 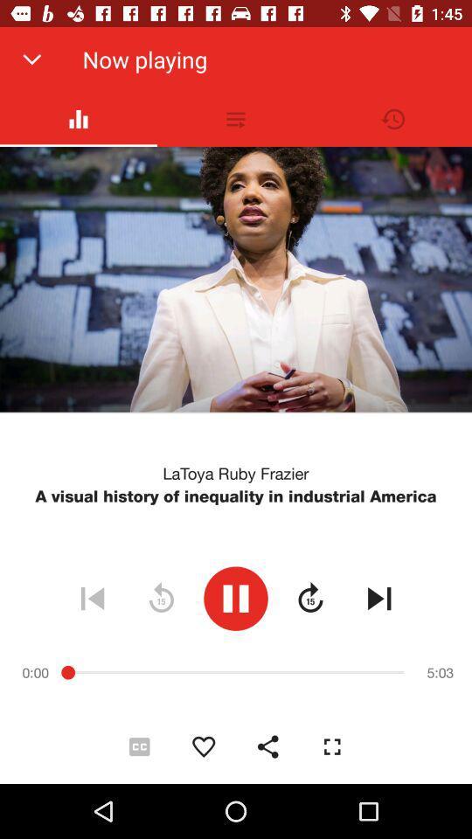 I want to click on the refresh icon, so click(x=161, y=598).